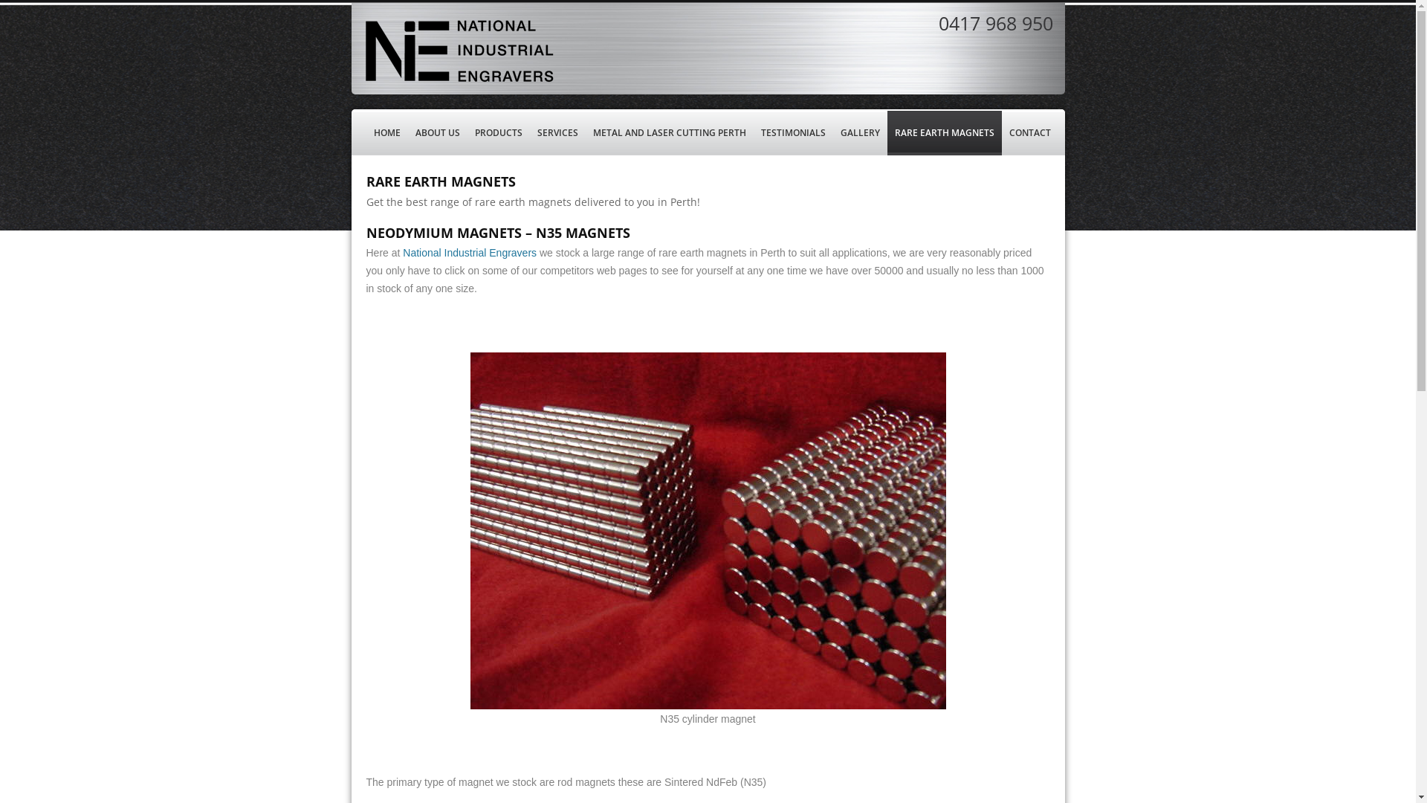 The width and height of the screenshot is (1427, 803). I want to click on 'TESTIMONIALS', so click(792, 132).